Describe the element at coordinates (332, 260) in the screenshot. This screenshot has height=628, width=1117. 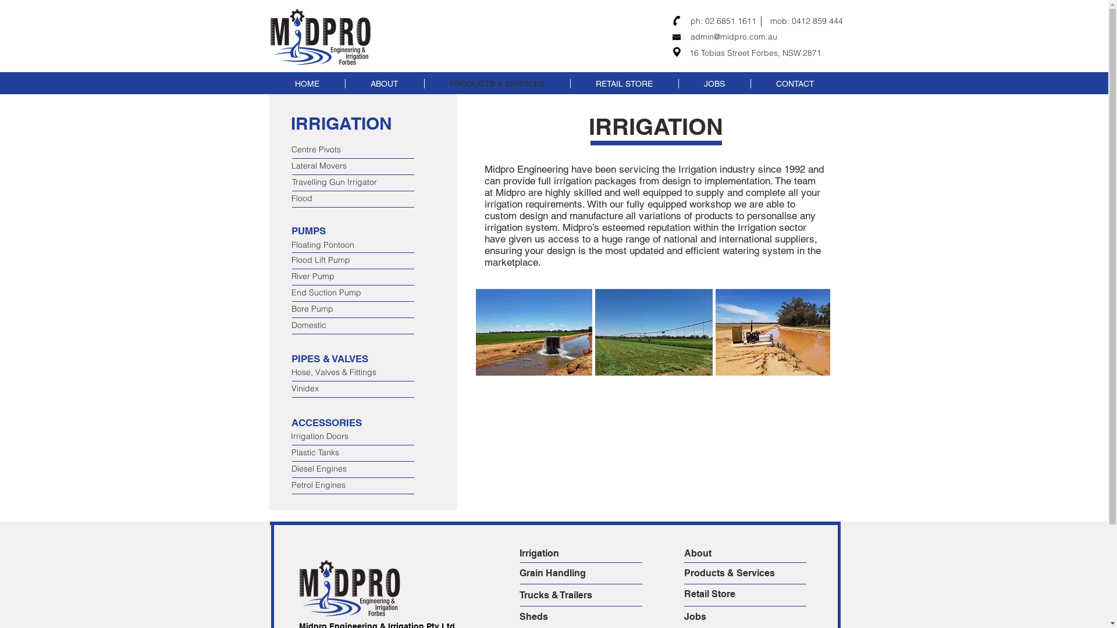
I see `'Flood Lift Pump'` at that location.